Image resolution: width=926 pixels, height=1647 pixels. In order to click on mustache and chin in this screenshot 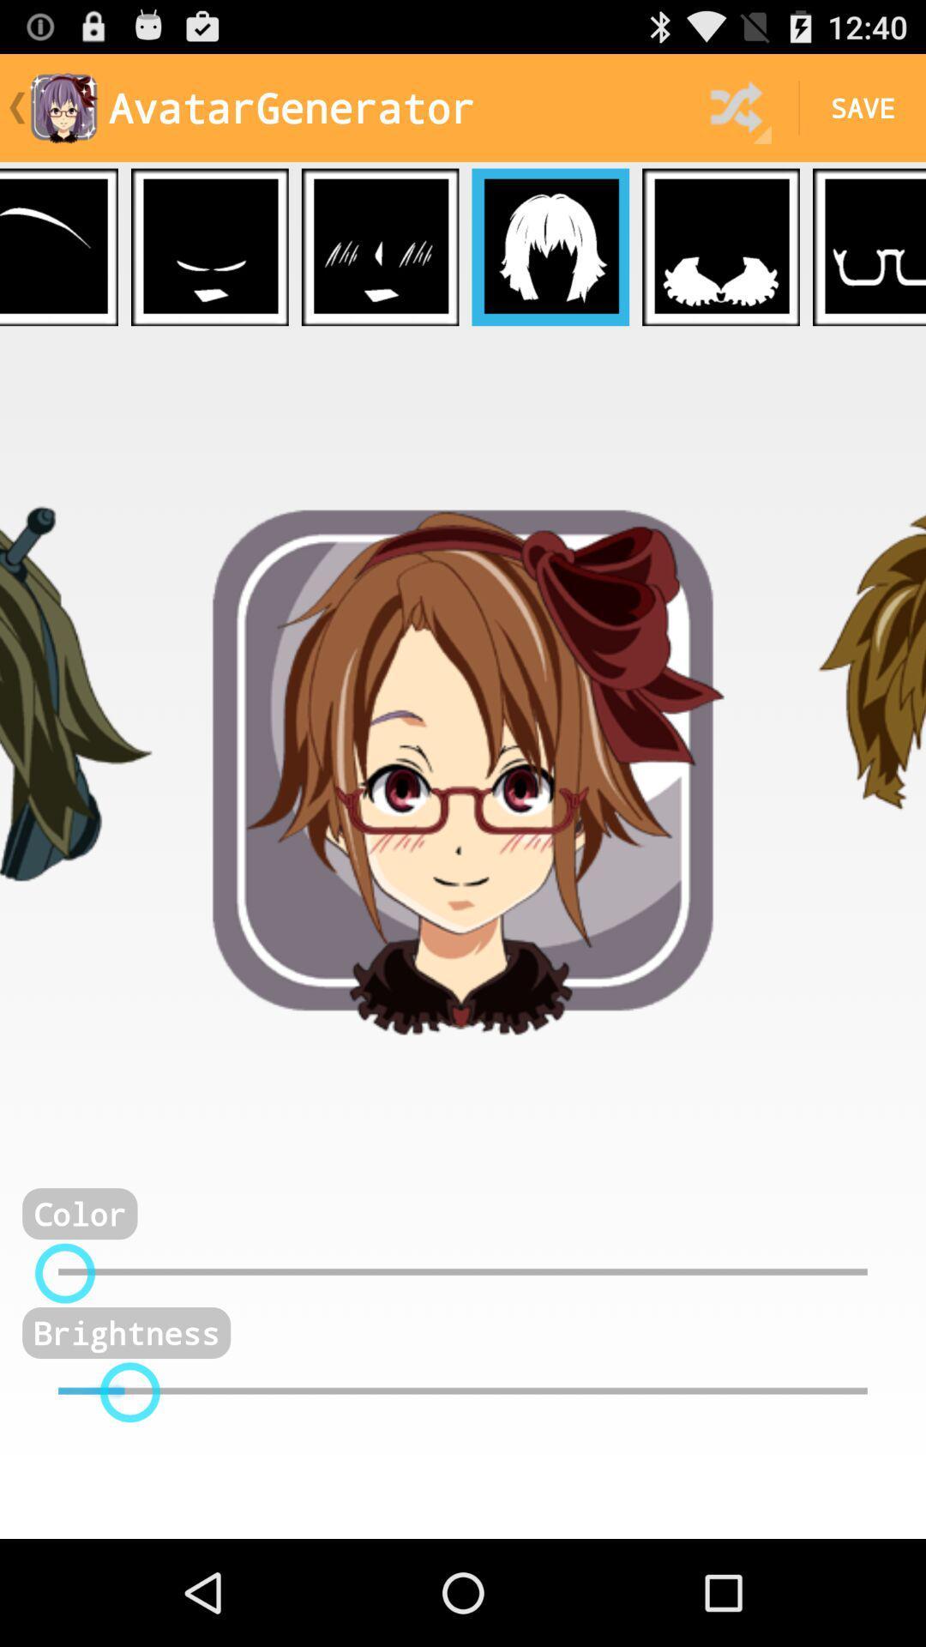, I will do `click(208, 246)`.